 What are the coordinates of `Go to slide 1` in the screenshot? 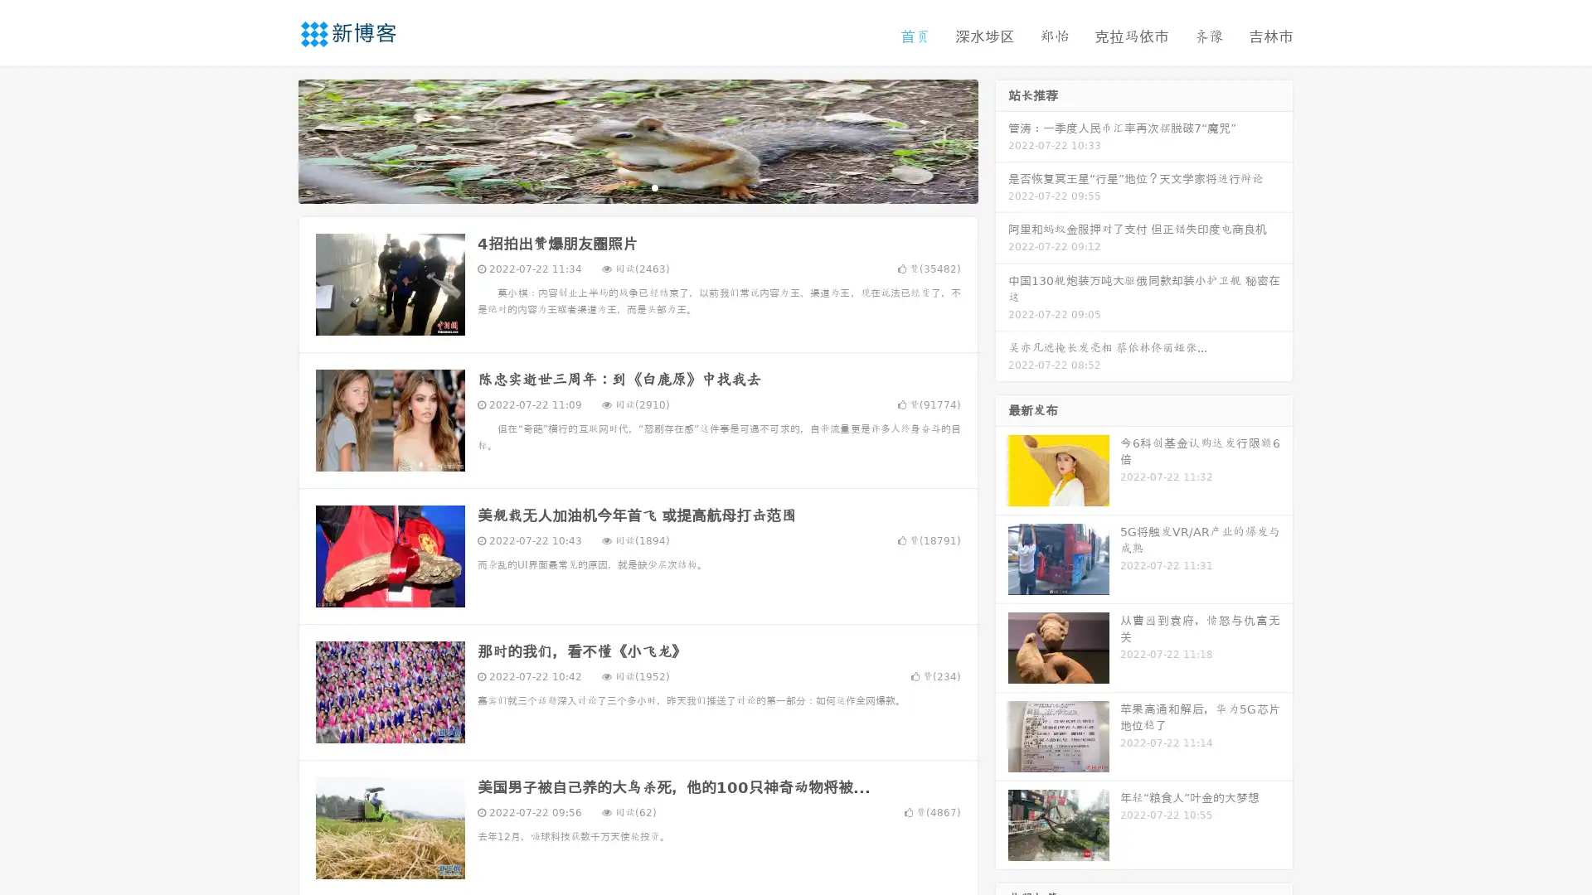 It's located at (620, 186).